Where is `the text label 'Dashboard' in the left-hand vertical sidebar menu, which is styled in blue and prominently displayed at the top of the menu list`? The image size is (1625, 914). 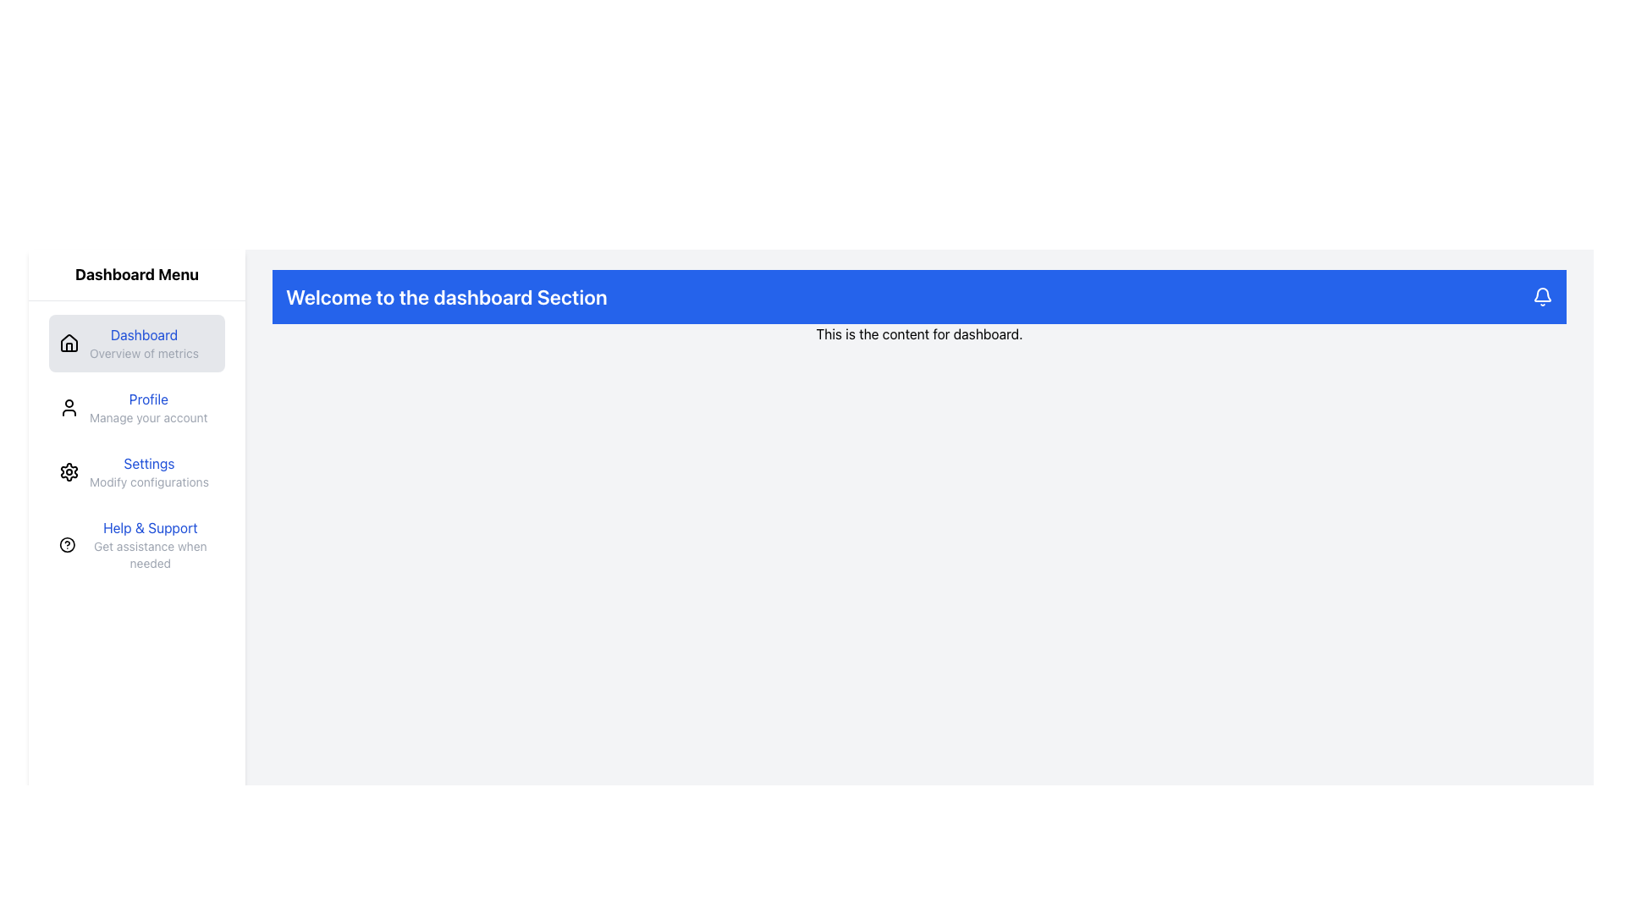 the text label 'Dashboard' in the left-hand vertical sidebar menu, which is styled in blue and prominently displayed at the top of the menu list is located at coordinates (144, 343).